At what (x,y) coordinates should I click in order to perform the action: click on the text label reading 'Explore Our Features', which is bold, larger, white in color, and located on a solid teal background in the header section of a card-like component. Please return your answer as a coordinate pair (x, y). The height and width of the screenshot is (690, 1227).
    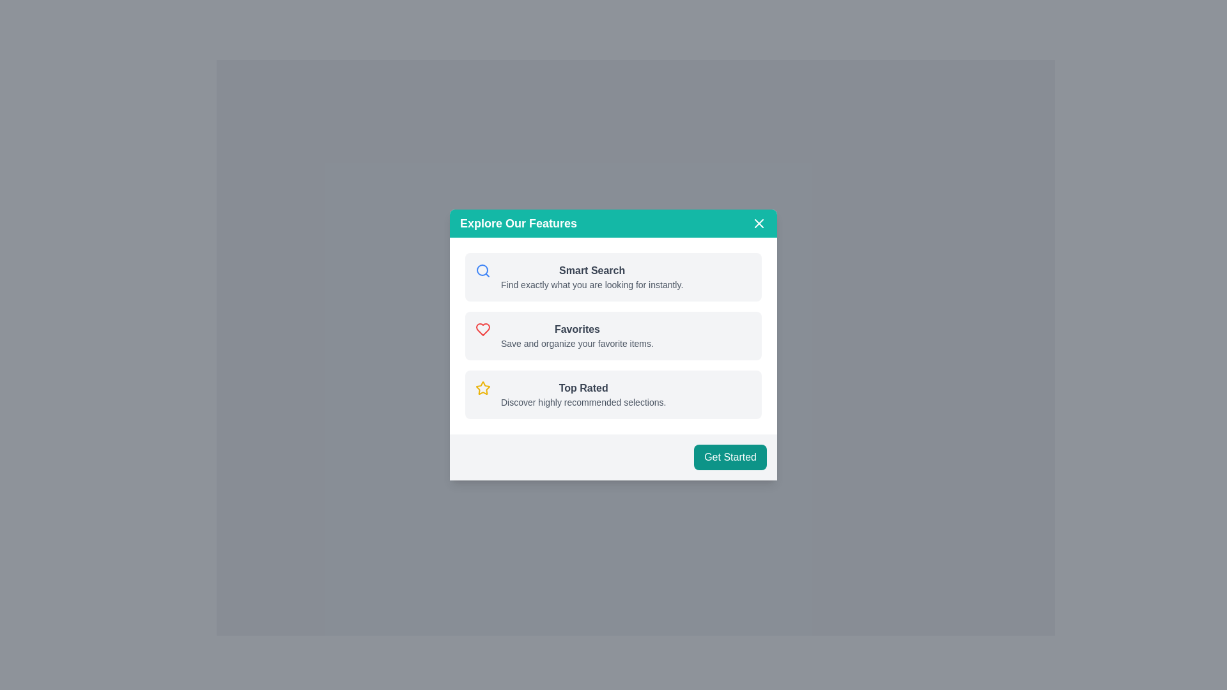
    Looking at the image, I should click on (518, 223).